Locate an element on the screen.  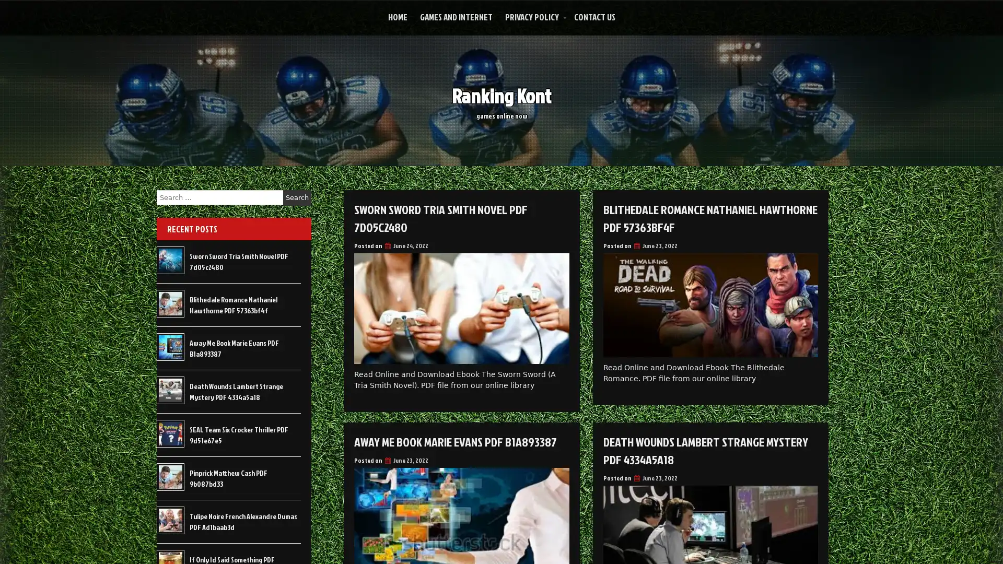
Search is located at coordinates (297, 197).